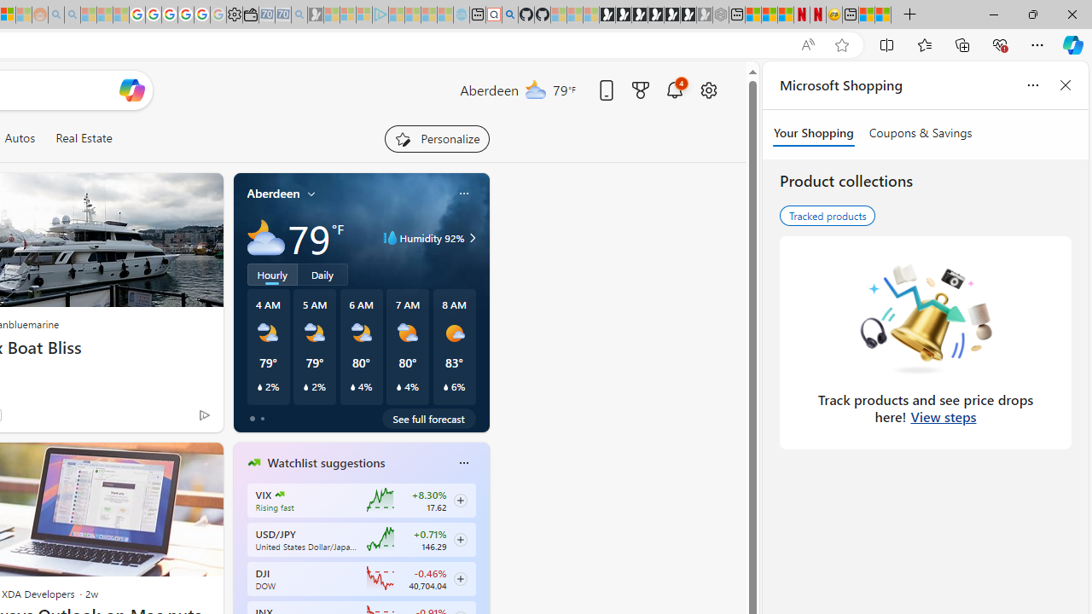 This screenshot has width=1092, height=614. What do you see at coordinates (131, 90) in the screenshot?
I see `'Open Copilot'` at bounding box center [131, 90].